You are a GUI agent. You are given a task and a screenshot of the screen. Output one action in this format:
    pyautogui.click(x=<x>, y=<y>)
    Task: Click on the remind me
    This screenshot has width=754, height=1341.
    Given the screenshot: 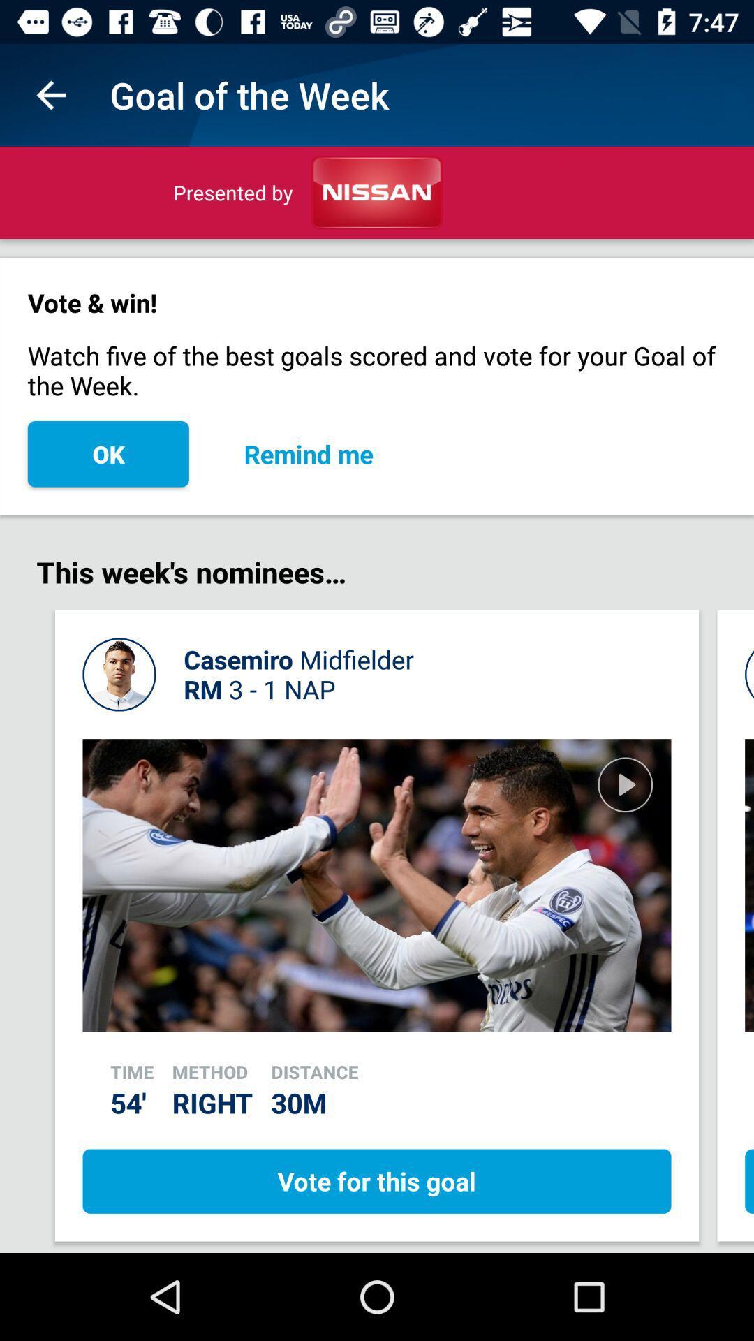 What is the action you would take?
    pyautogui.click(x=308, y=454)
    